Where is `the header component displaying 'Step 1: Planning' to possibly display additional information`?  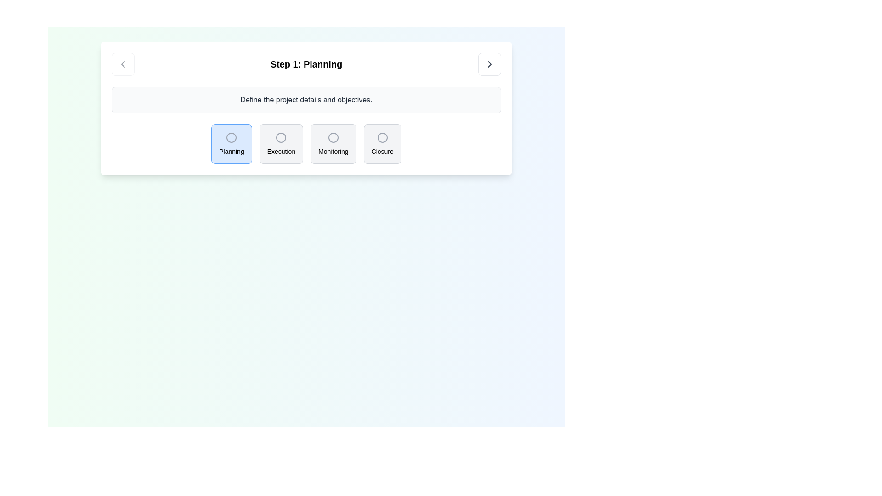
the header component displaying 'Step 1: Planning' to possibly display additional information is located at coordinates (306, 63).